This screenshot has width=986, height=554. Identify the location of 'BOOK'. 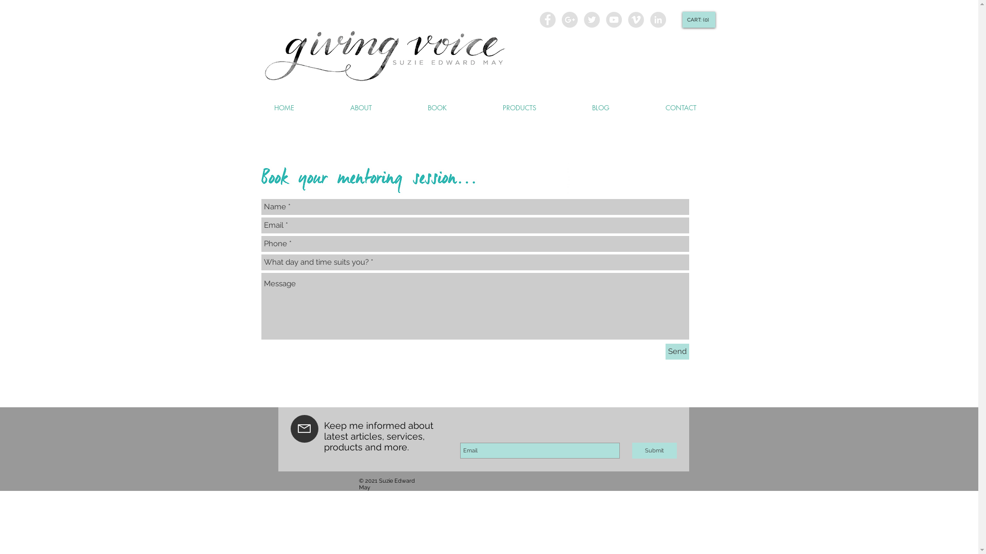
(399, 108).